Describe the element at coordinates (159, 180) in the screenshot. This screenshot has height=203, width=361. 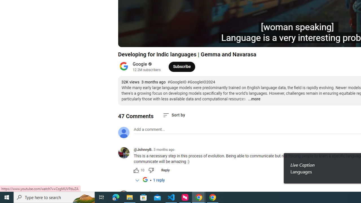
I see `'1 reply'` at that location.